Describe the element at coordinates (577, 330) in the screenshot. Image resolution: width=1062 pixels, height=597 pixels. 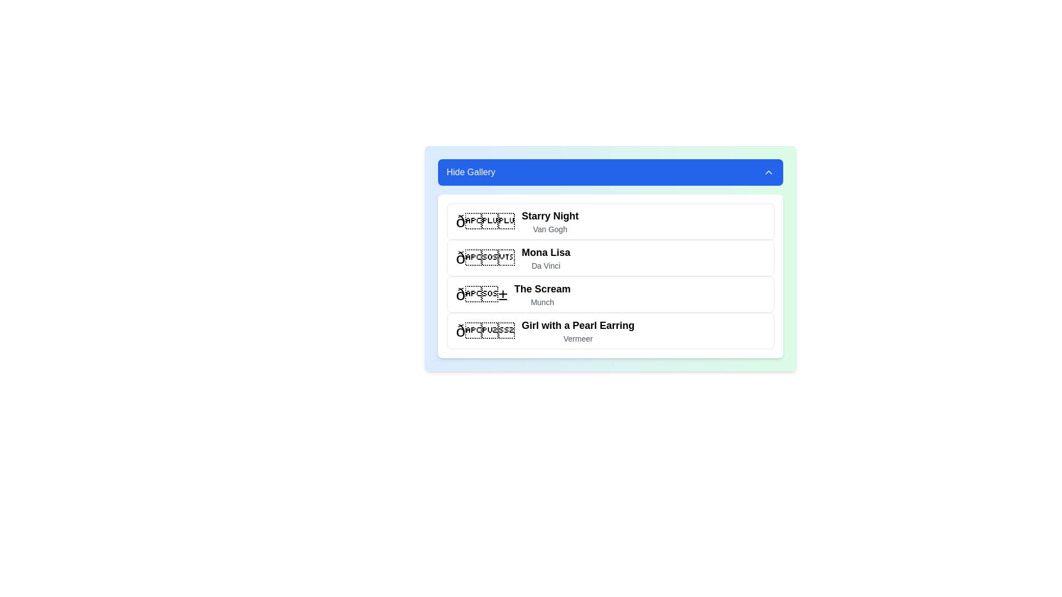
I see `the text label element displaying 'Girl with a Pearl Earring' in bold font, located at the bottom of a vertical list in the 'Hide Gallery' panel` at that location.